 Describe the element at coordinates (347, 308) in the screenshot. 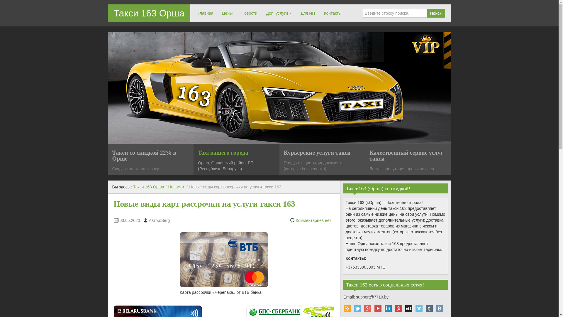

I see `'RSS'` at that location.